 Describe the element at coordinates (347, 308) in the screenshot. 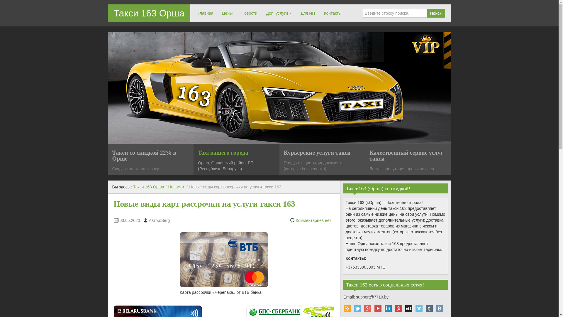

I see `'RSS'` at that location.